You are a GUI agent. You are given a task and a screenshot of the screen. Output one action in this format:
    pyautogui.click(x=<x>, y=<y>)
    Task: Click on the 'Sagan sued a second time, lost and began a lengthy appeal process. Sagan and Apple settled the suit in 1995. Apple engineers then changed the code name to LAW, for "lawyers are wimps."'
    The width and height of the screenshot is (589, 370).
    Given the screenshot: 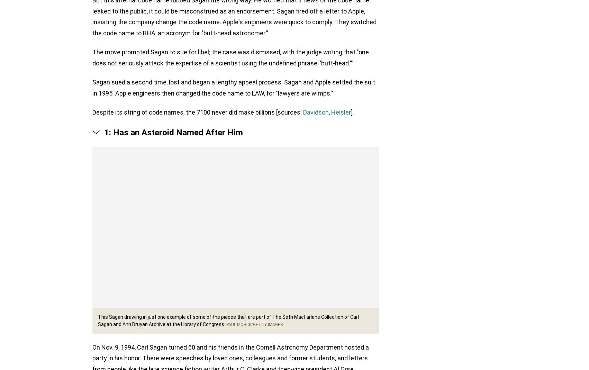 What is the action you would take?
    pyautogui.click(x=234, y=88)
    